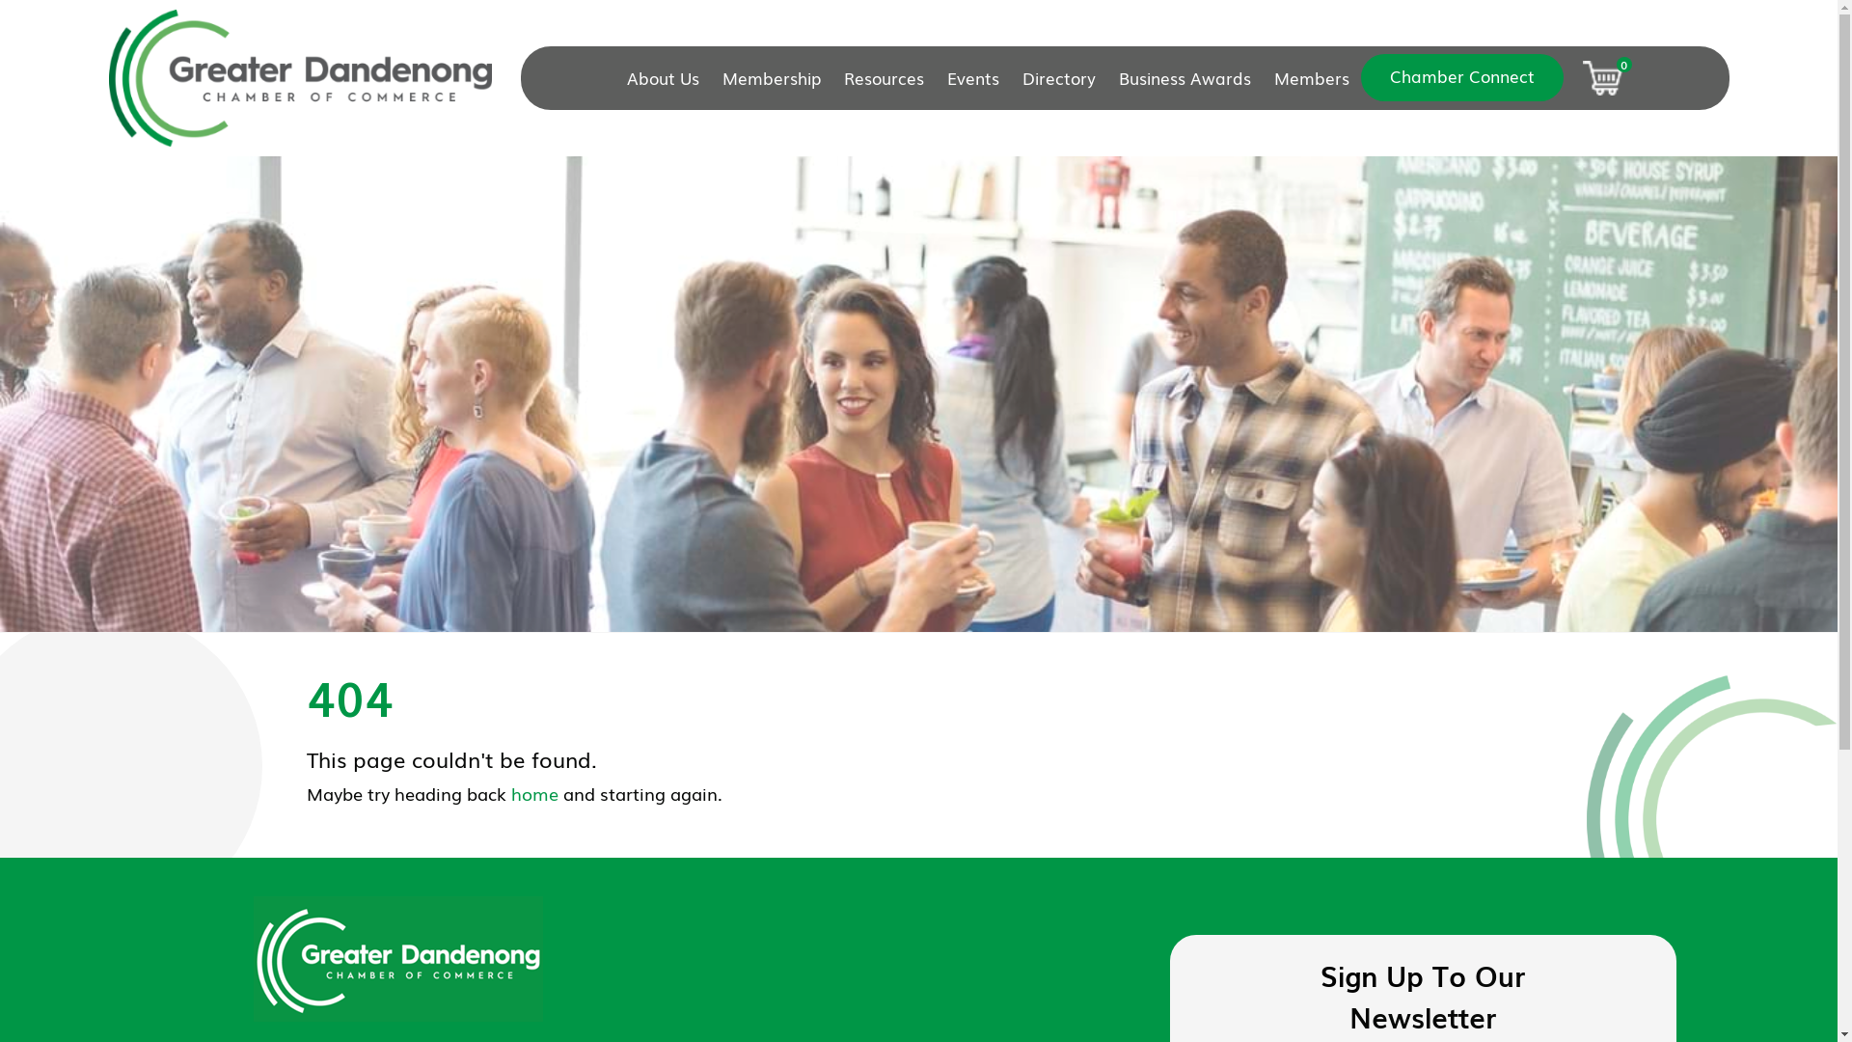  What do you see at coordinates (1462, 76) in the screenshot?
I see `'Chamber Connect'` at bounding box center [1462, 76].